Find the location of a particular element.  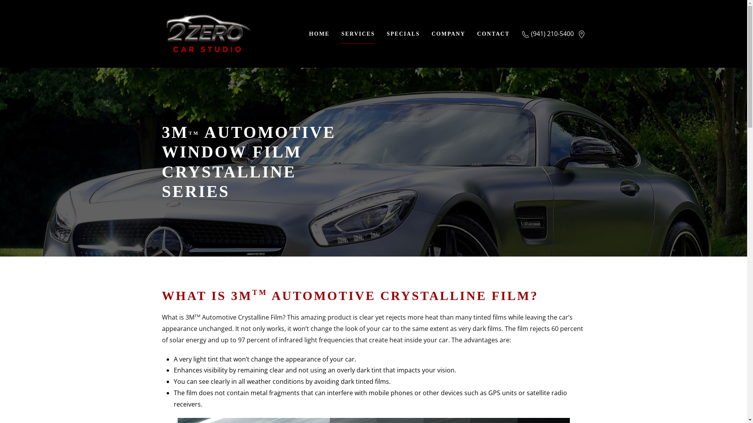

'SPECIALS' is located at coordinates (403, 33).